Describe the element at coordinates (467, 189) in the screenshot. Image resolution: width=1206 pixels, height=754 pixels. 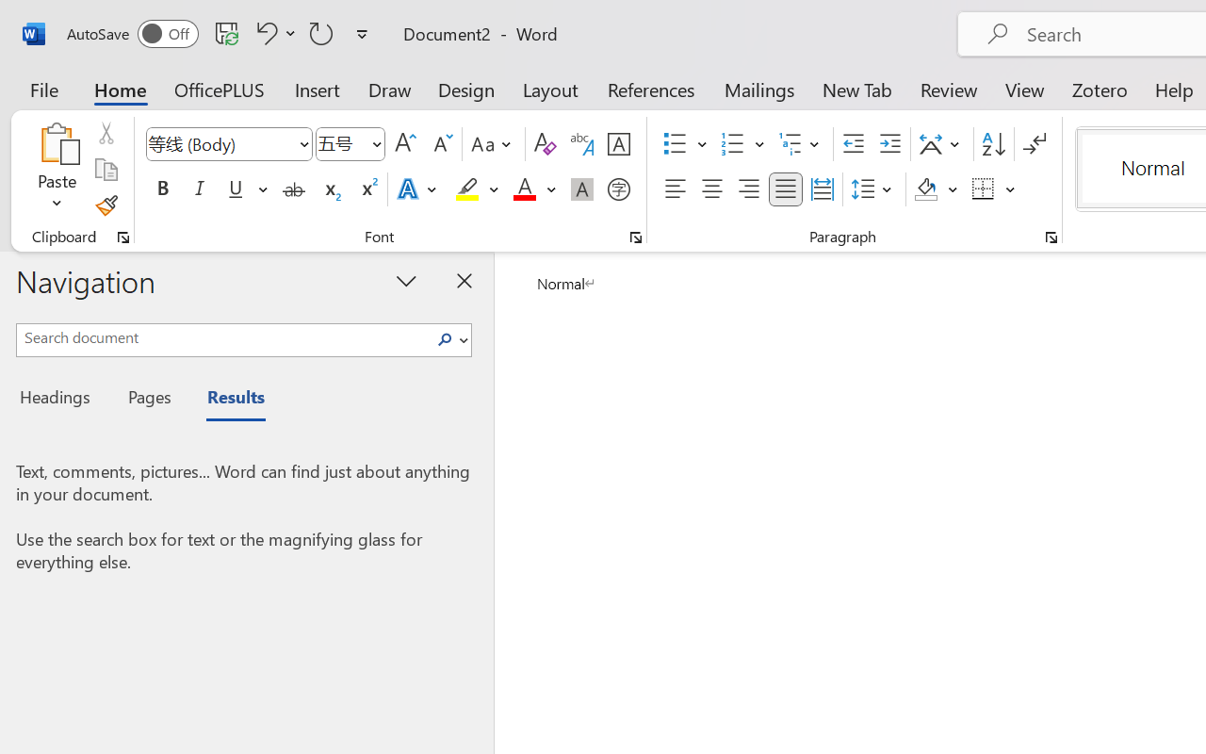
I see `'Text Highlight Color Yellow'` at that location.